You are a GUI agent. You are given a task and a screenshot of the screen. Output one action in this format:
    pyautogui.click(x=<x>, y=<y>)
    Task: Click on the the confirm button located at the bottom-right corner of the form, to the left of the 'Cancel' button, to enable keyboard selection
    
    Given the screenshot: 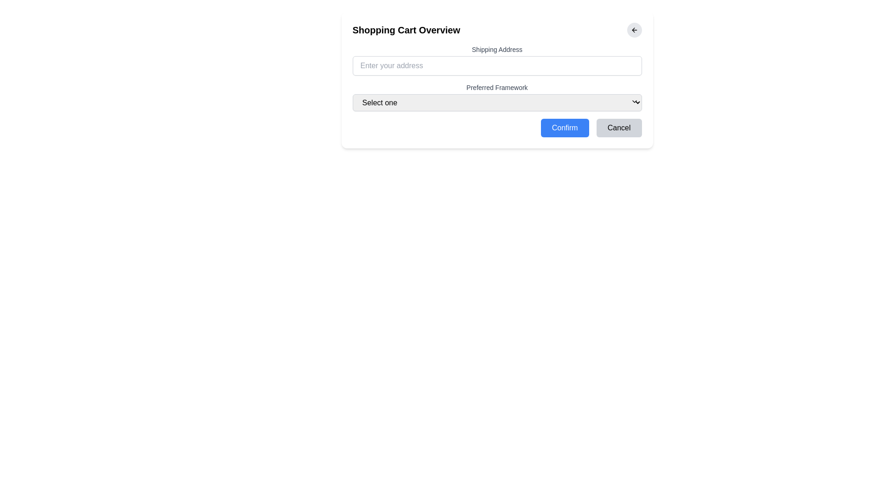 What is the action you would take?
    pyautogui.click(x=564, y=128)
    